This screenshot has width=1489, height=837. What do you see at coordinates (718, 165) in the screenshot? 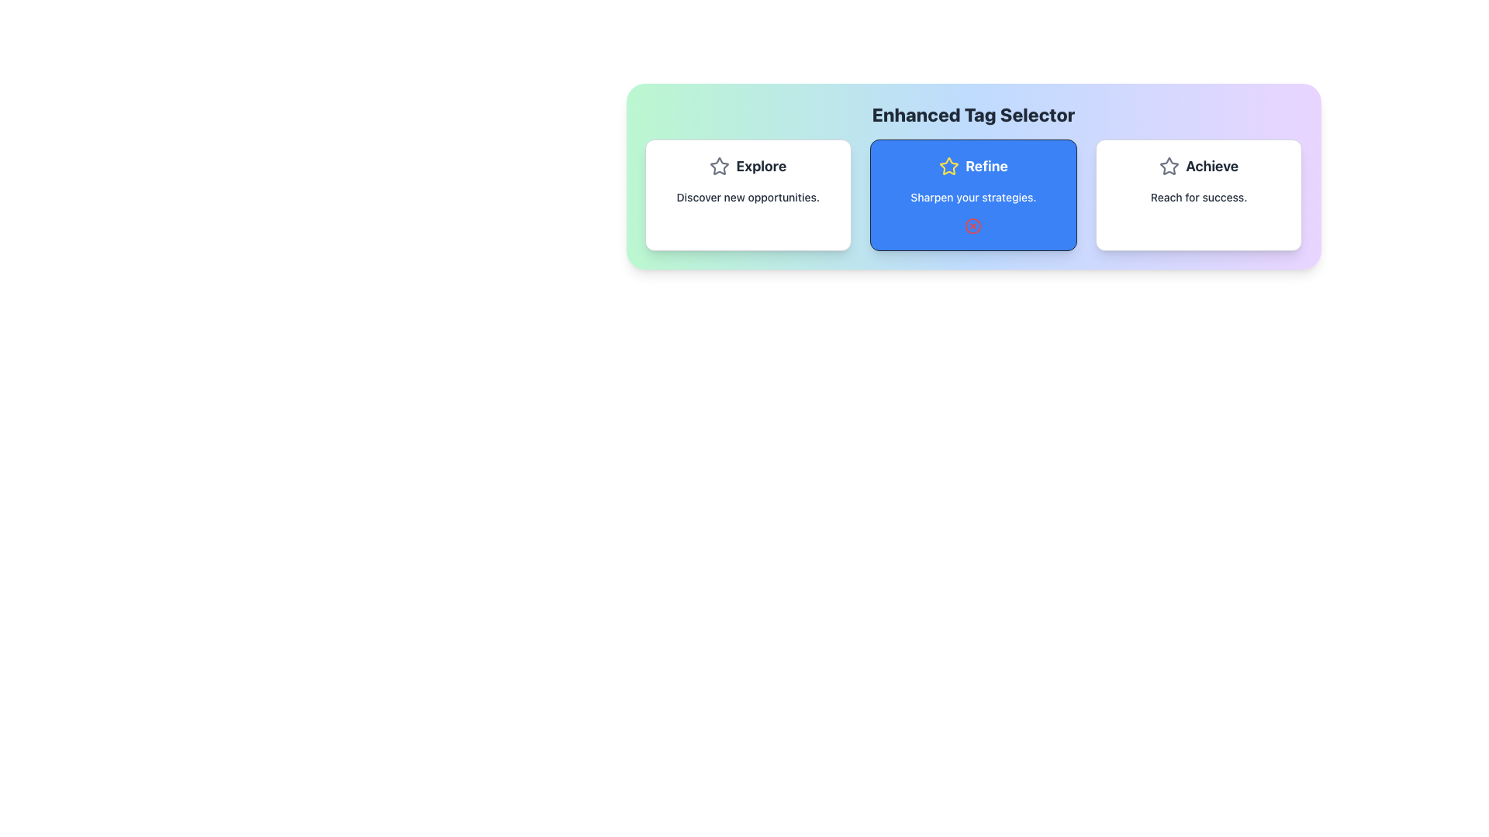
I see `the gray-bordered star-shaped icon located in the top-right corner of the blue card labeled 'Refine' for additional actions if interactive` at bounding box center [718, 165].